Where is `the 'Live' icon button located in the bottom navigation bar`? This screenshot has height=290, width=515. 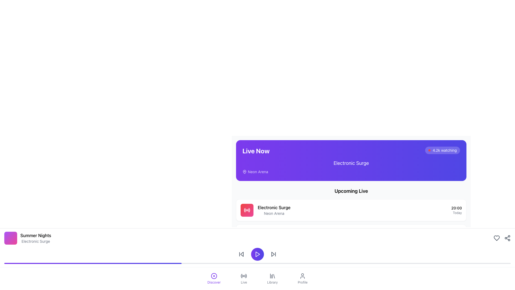 the 'Live' icon button located in the bottom navigation bar is located at coordinates (244, 276).